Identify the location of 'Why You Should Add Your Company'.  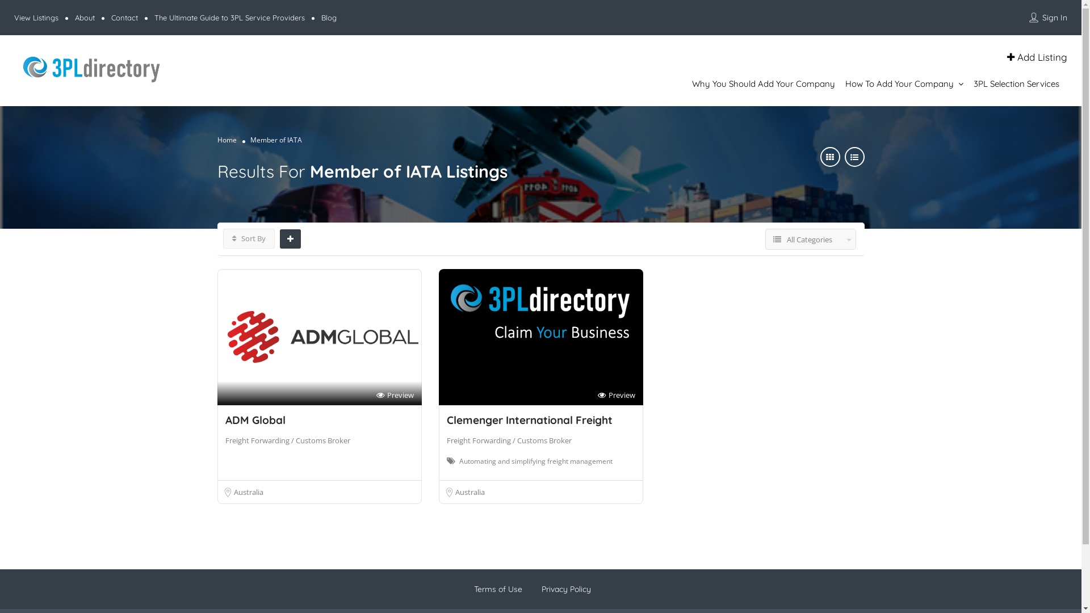
(691, 83).